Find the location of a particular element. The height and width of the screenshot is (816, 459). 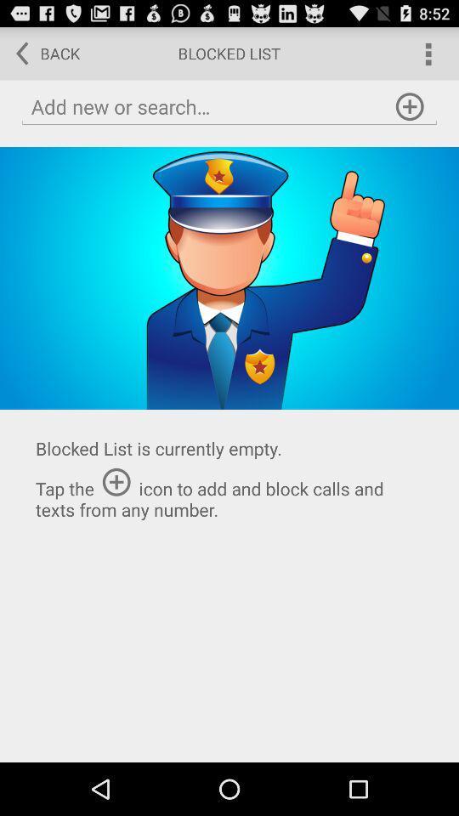

search term is located at coordinates (229, 106).